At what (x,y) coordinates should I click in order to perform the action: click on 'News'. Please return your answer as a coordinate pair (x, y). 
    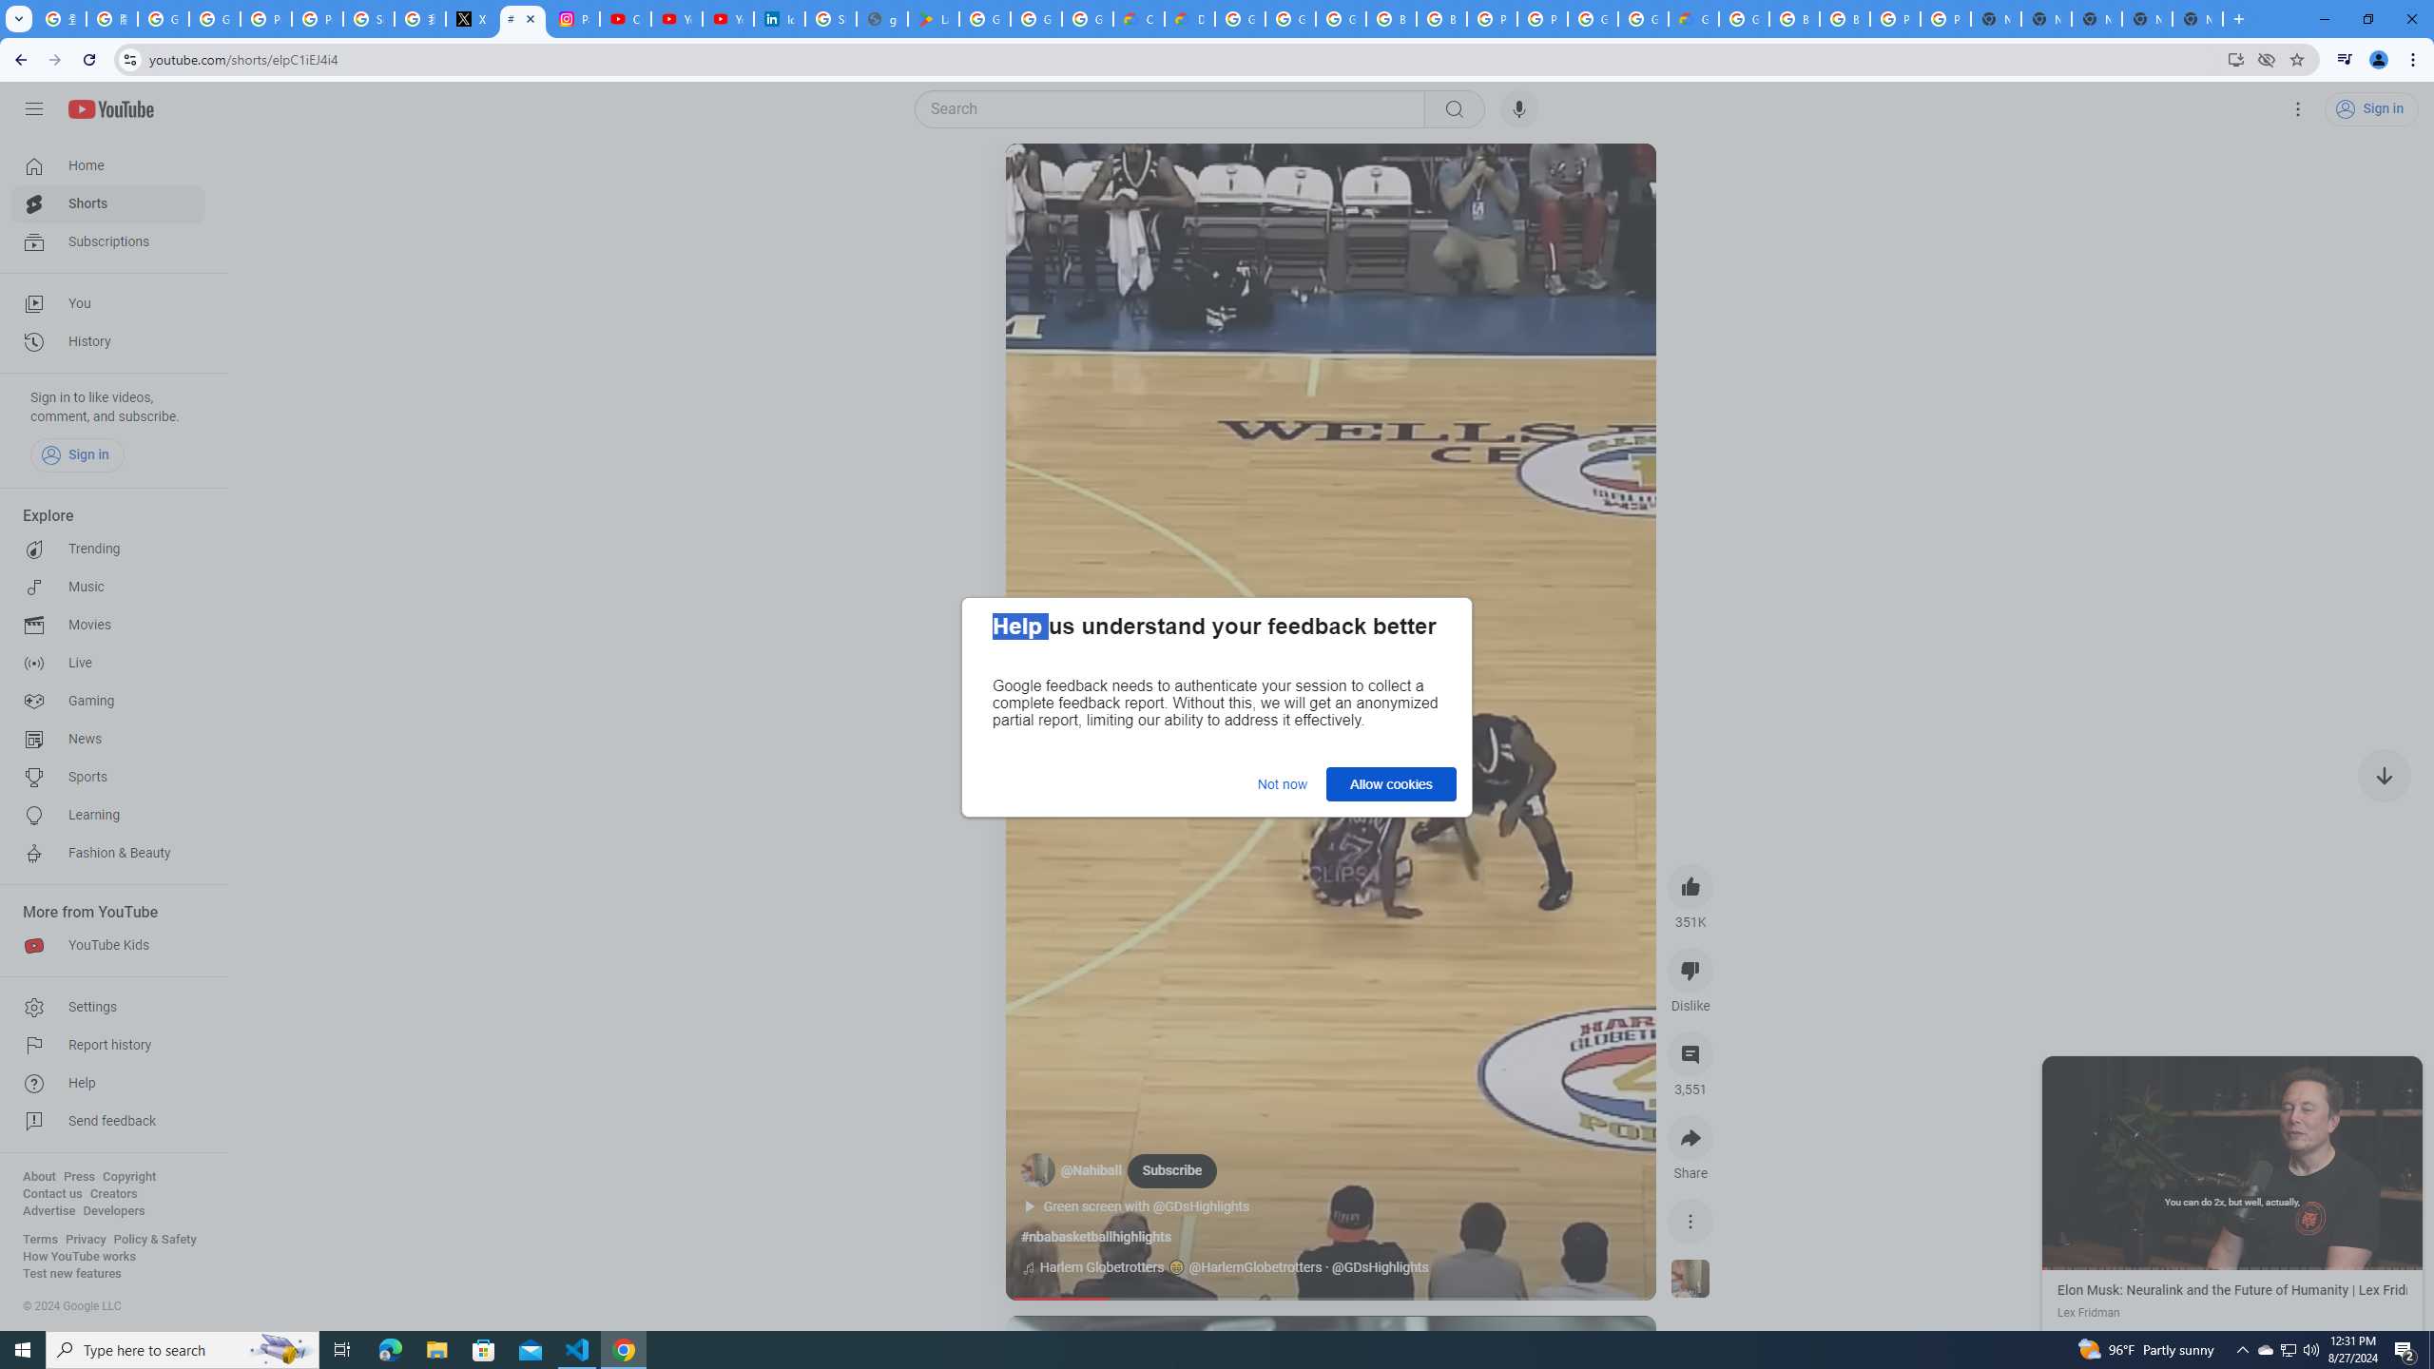
    Looking at the image, I should click on (107, 739).